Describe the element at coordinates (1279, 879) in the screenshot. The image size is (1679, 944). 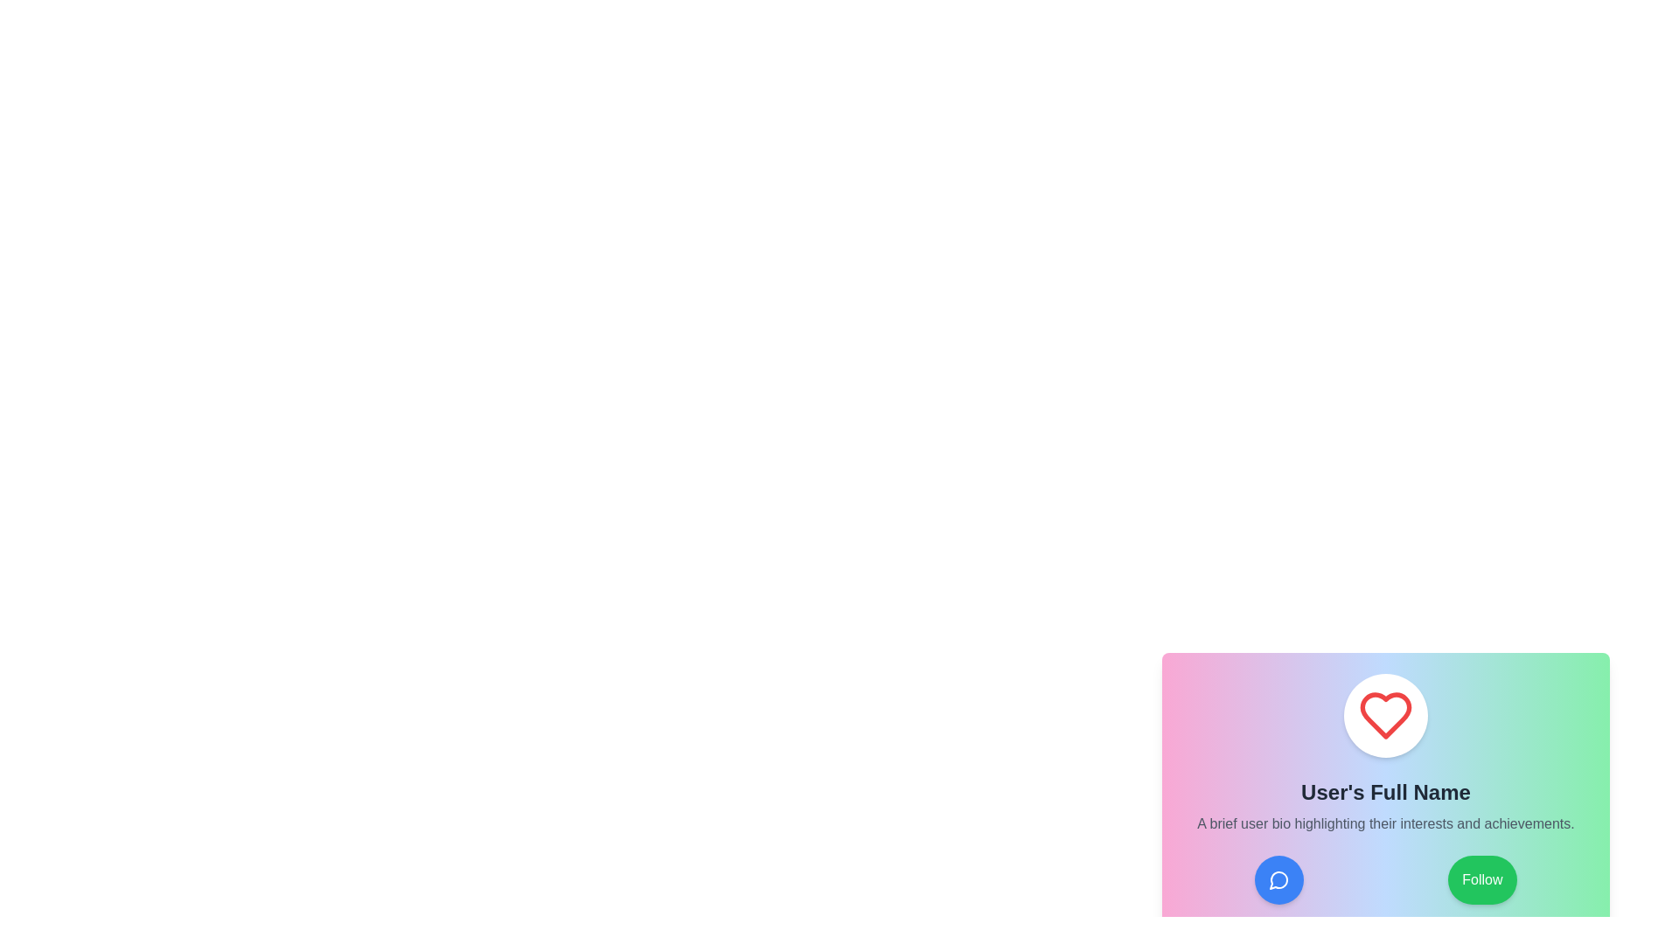
I see `the circular blue button with a white speech bubble icon located below the user information section` at that location.